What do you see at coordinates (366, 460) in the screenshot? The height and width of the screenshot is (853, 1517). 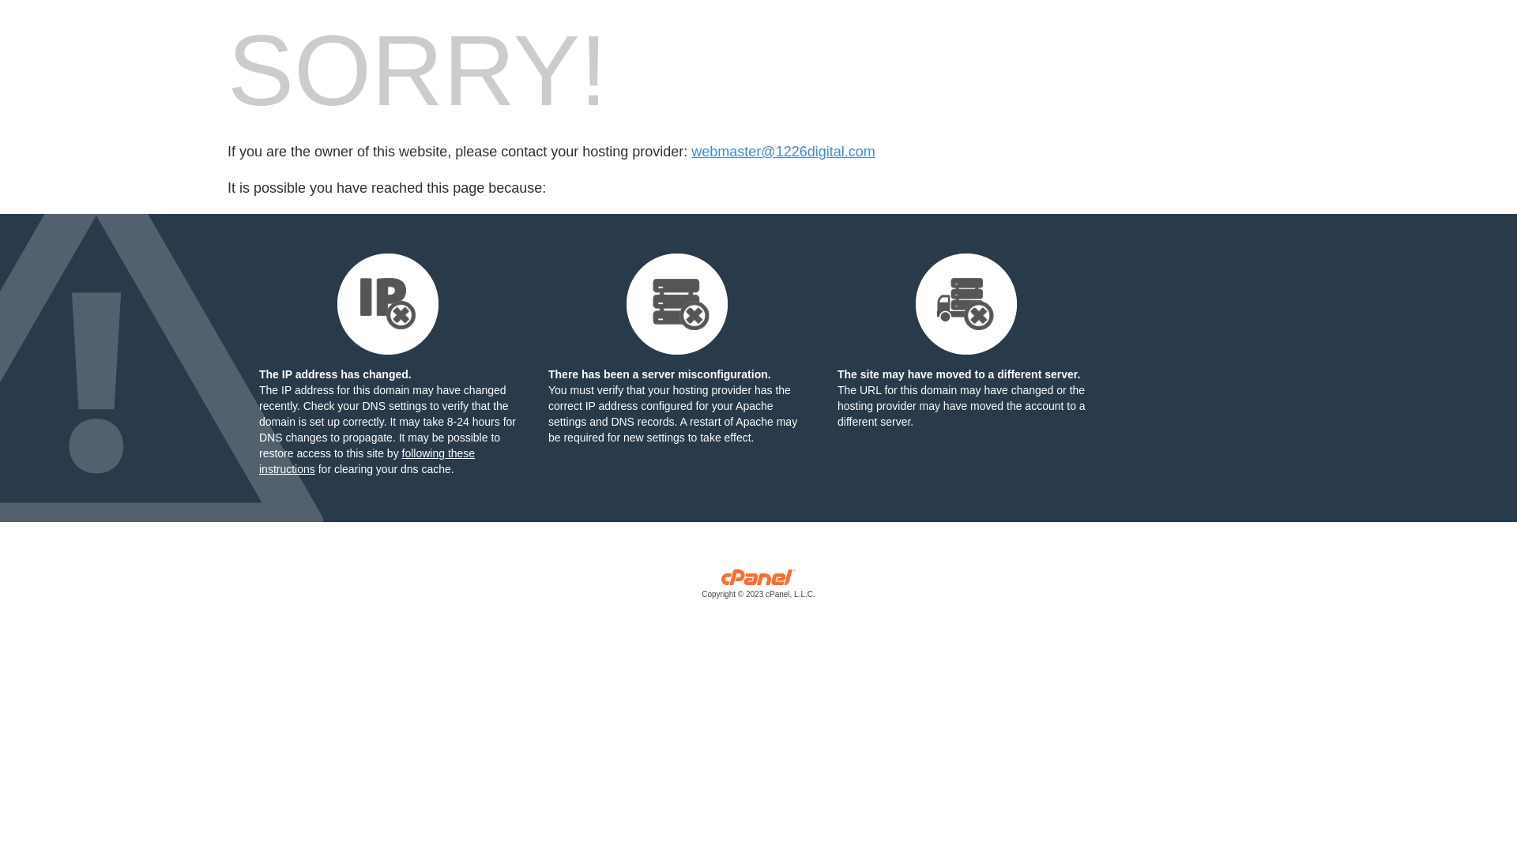 I see `'following these instructions'` at bounding box center [366, 460].